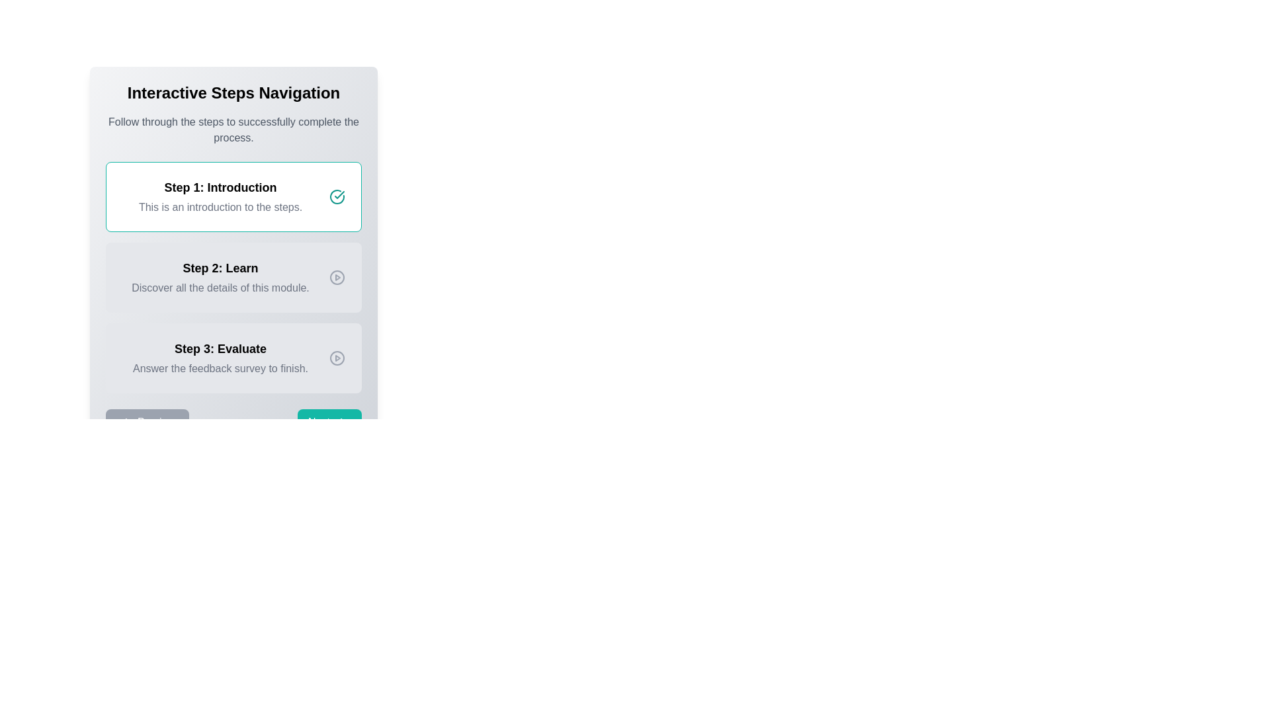 The width and height of the screenshot is (1270, 714). Describe the element at coordinates (337, 196) in the screenshot. I see `the circular checkmark icon with a teal-green stroke located at the top-right corner of the 'Step 1: Introduction' card` at that location.